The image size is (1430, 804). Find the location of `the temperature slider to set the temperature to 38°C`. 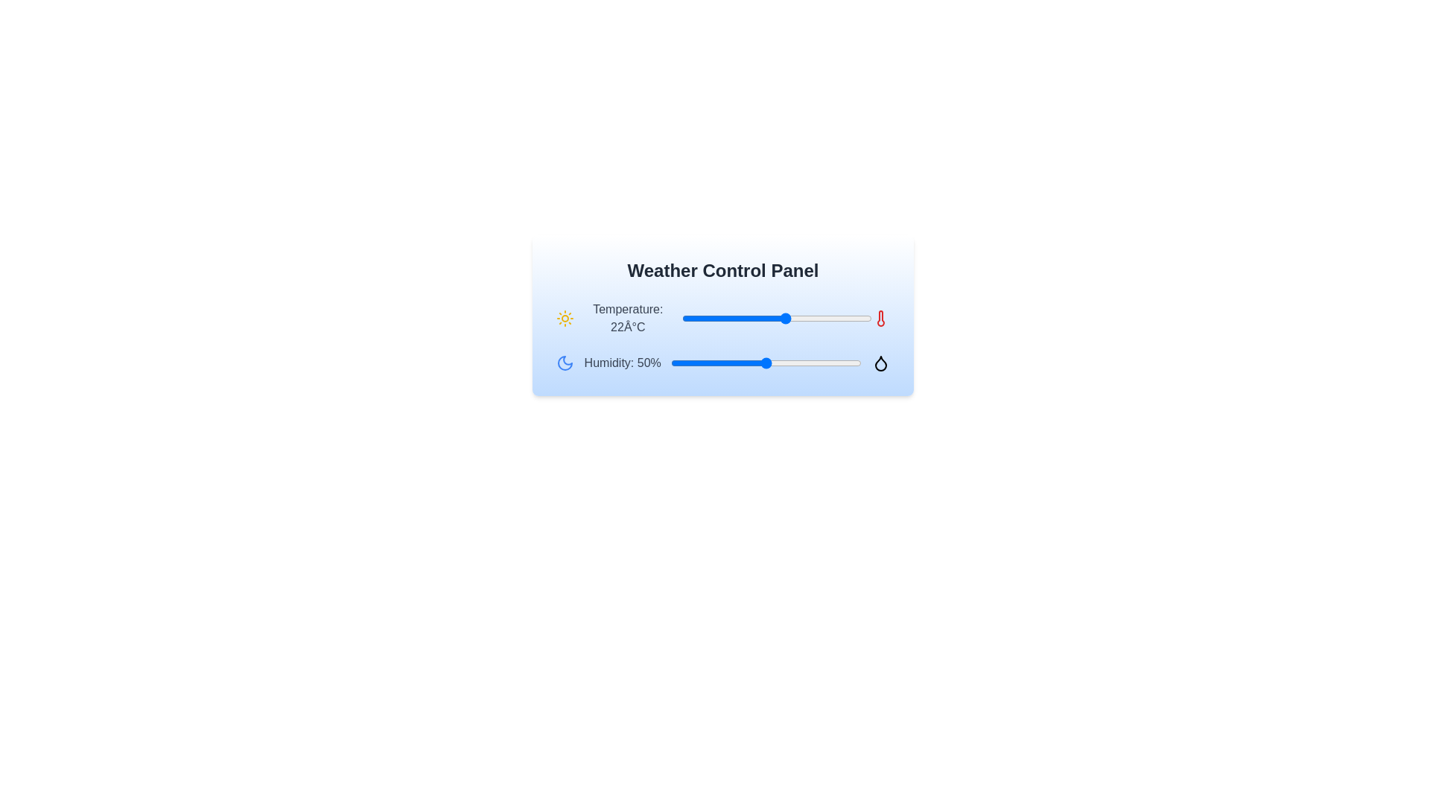

the temperature slider to set the temperature to 38°C is located at coordinates (862, 318).